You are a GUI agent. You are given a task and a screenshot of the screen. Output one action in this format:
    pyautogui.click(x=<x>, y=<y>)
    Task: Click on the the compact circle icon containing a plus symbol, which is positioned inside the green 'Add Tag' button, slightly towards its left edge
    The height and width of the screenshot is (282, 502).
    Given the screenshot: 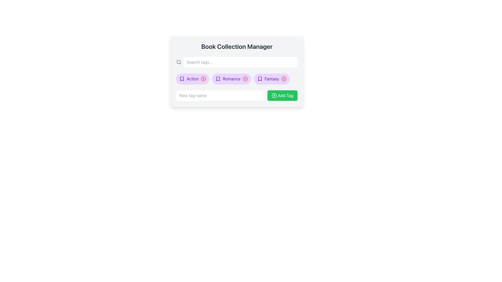 What is the action you would take?
    pyautogui.click(x=274, y=96)
    